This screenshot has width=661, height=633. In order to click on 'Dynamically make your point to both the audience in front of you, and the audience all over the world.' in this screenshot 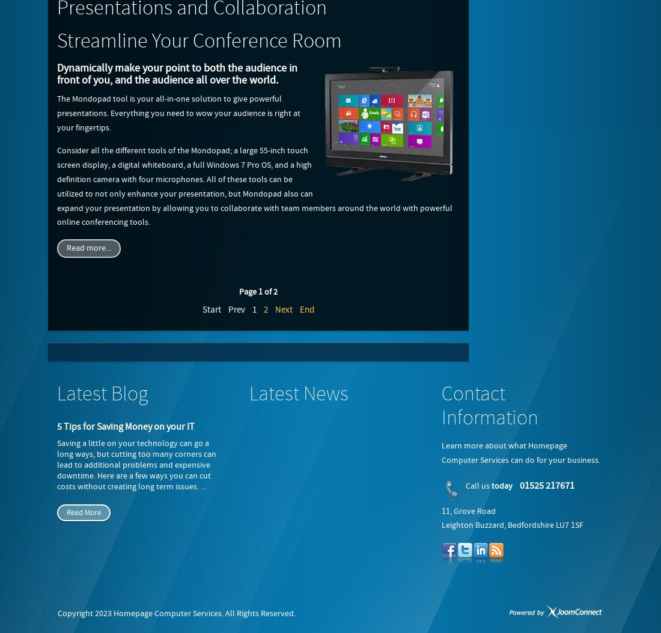, I will do `click(177, 74)`.